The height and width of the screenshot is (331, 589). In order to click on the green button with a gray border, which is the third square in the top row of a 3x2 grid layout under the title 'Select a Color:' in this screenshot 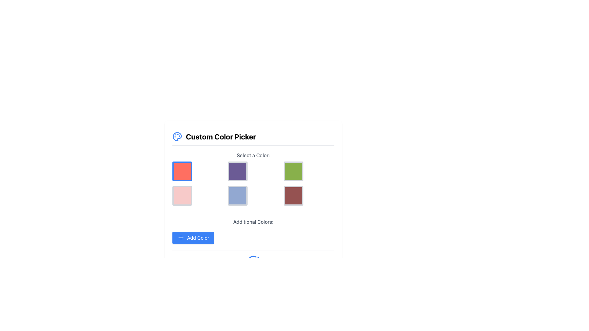, I will do `click(293, 171)`.